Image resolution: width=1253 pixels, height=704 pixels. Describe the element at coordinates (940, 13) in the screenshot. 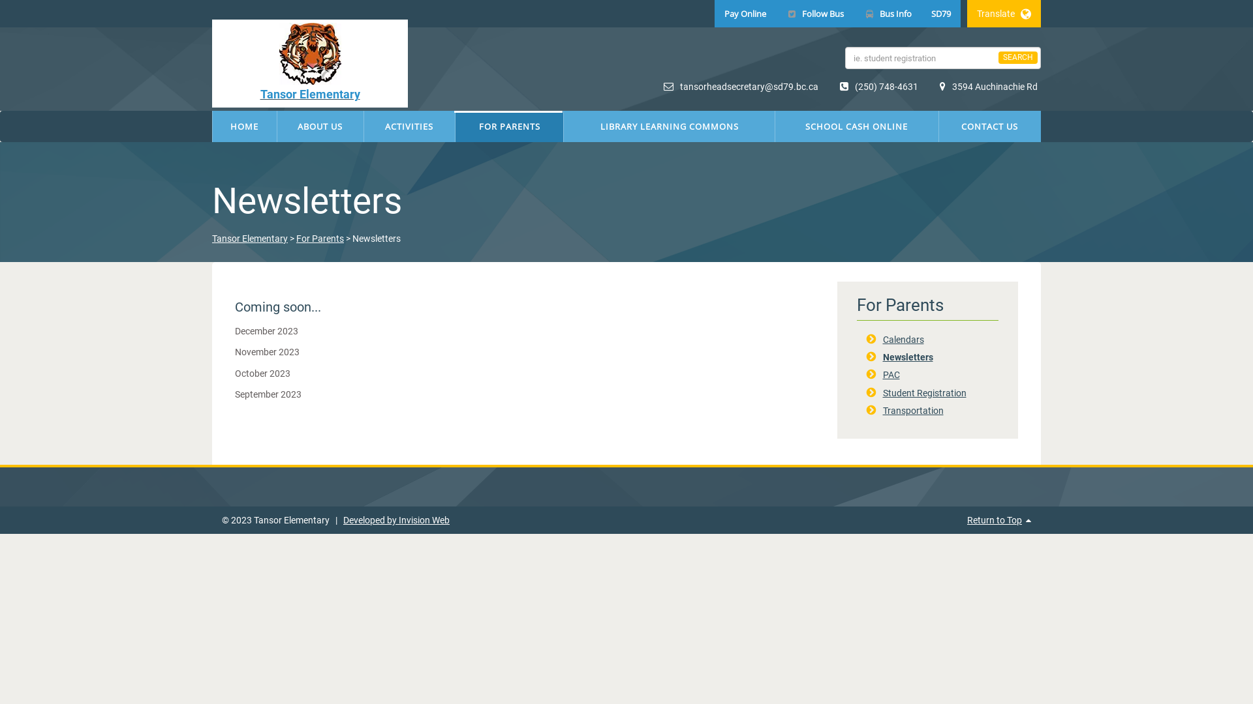

I see `'SD79'` at that location.